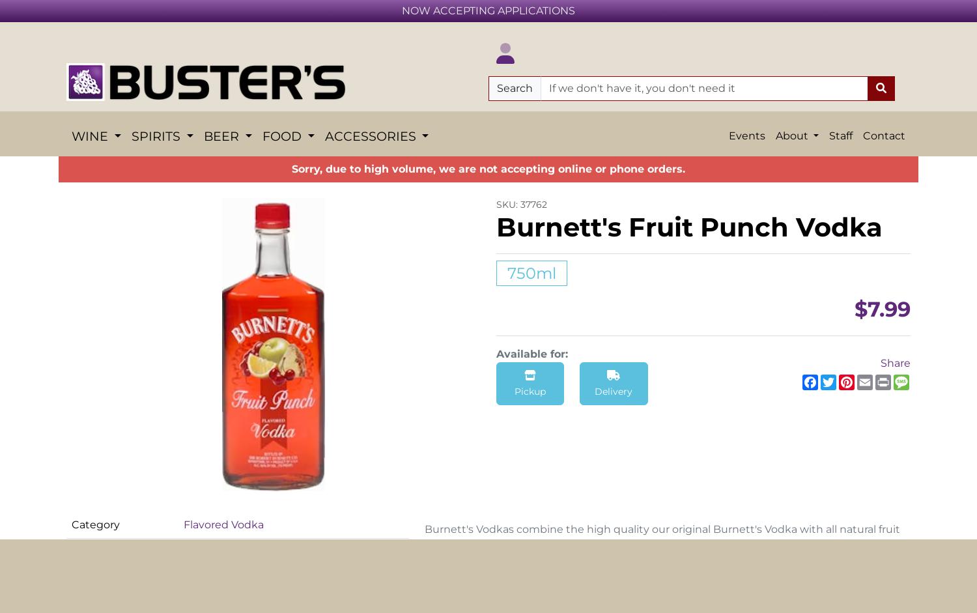 This screenshot has height=613, width=977. Describe the element at coordinates (488, 203) in the screenshot. I see `'Curbside Pickup and Local Delivery available.'` at that location.